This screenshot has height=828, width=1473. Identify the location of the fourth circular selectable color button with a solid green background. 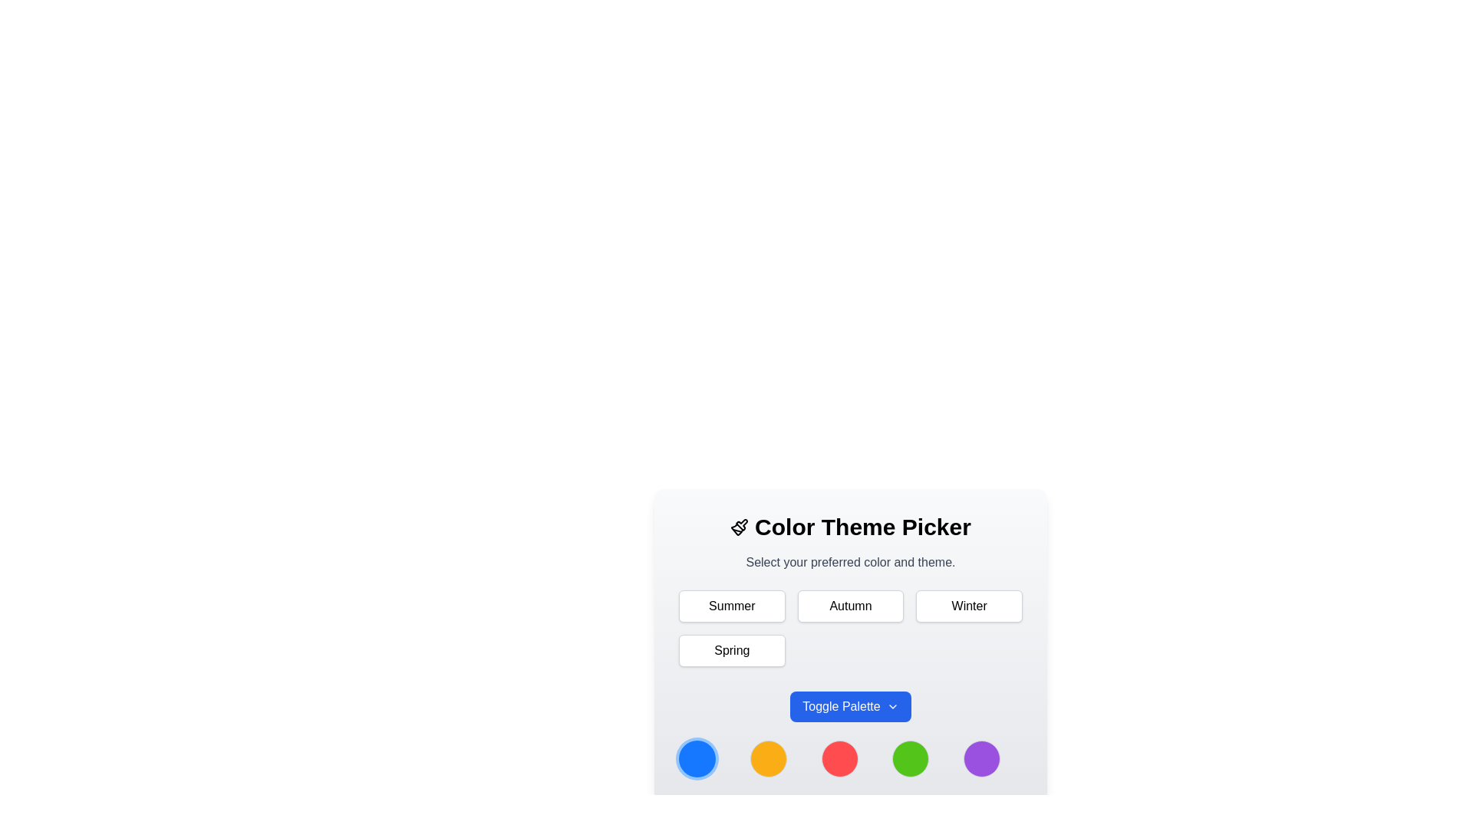
(911, 759).